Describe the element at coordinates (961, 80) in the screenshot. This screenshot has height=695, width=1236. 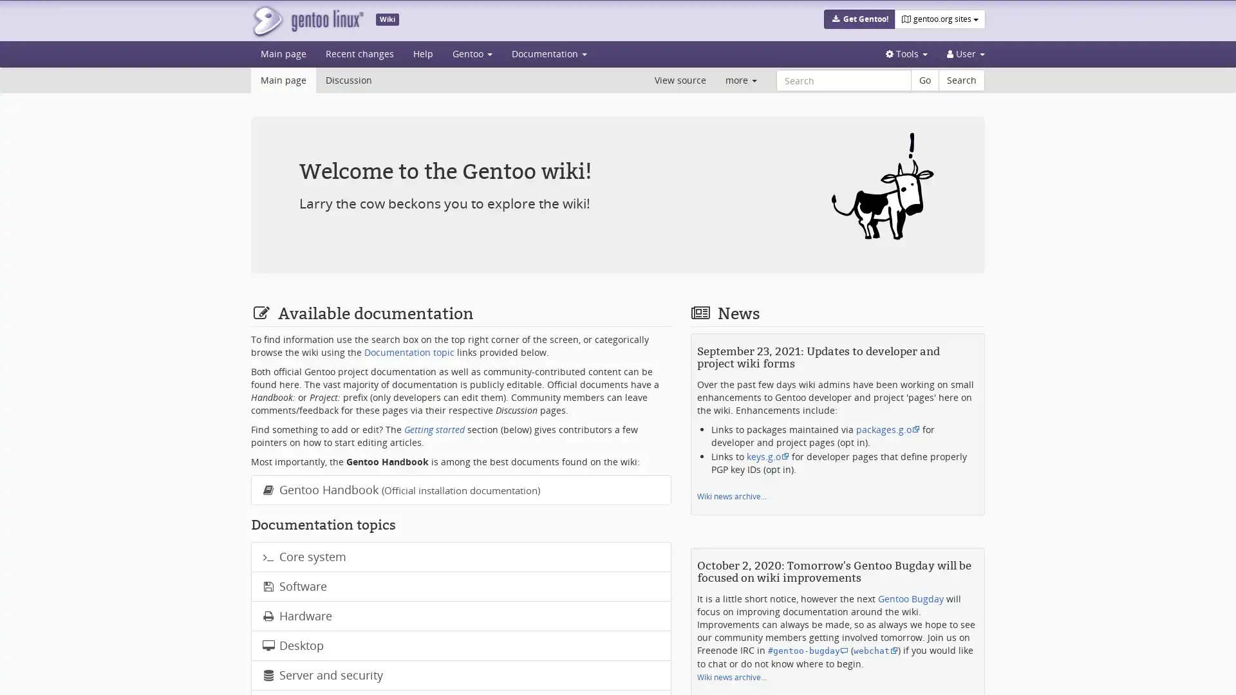
I see `Search` at that location.